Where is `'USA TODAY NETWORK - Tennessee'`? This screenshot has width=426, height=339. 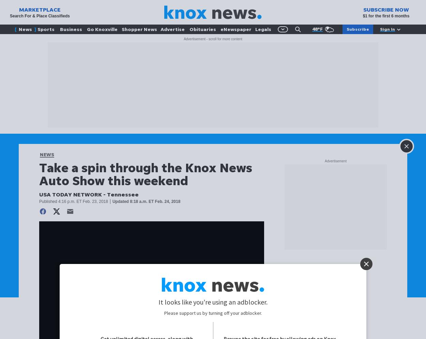 'USA TODAY NETWORK - Tennessee' is located at coordinates (89, 194).